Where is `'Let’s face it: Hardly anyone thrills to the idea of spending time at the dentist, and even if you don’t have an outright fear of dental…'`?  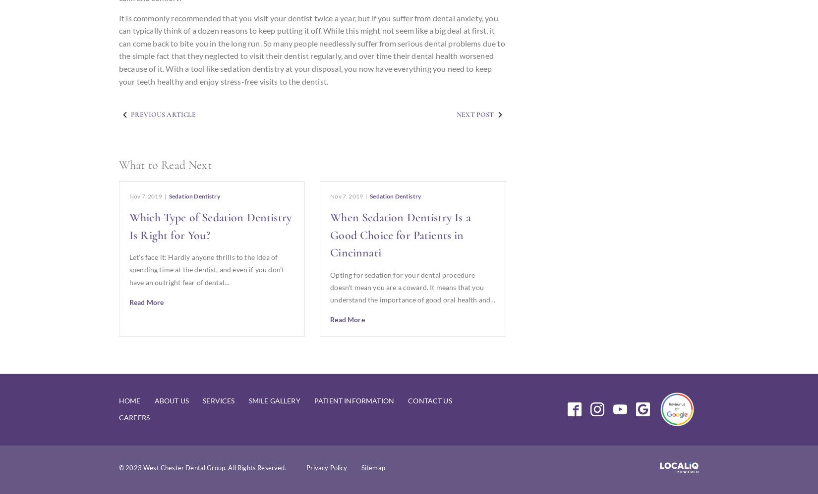 'Let’s face it: Hardly anyone thrills to the idea of spending time at the dentist, and even if you don’t have an outright fear of dental…' is located at coordinates (206, 269).